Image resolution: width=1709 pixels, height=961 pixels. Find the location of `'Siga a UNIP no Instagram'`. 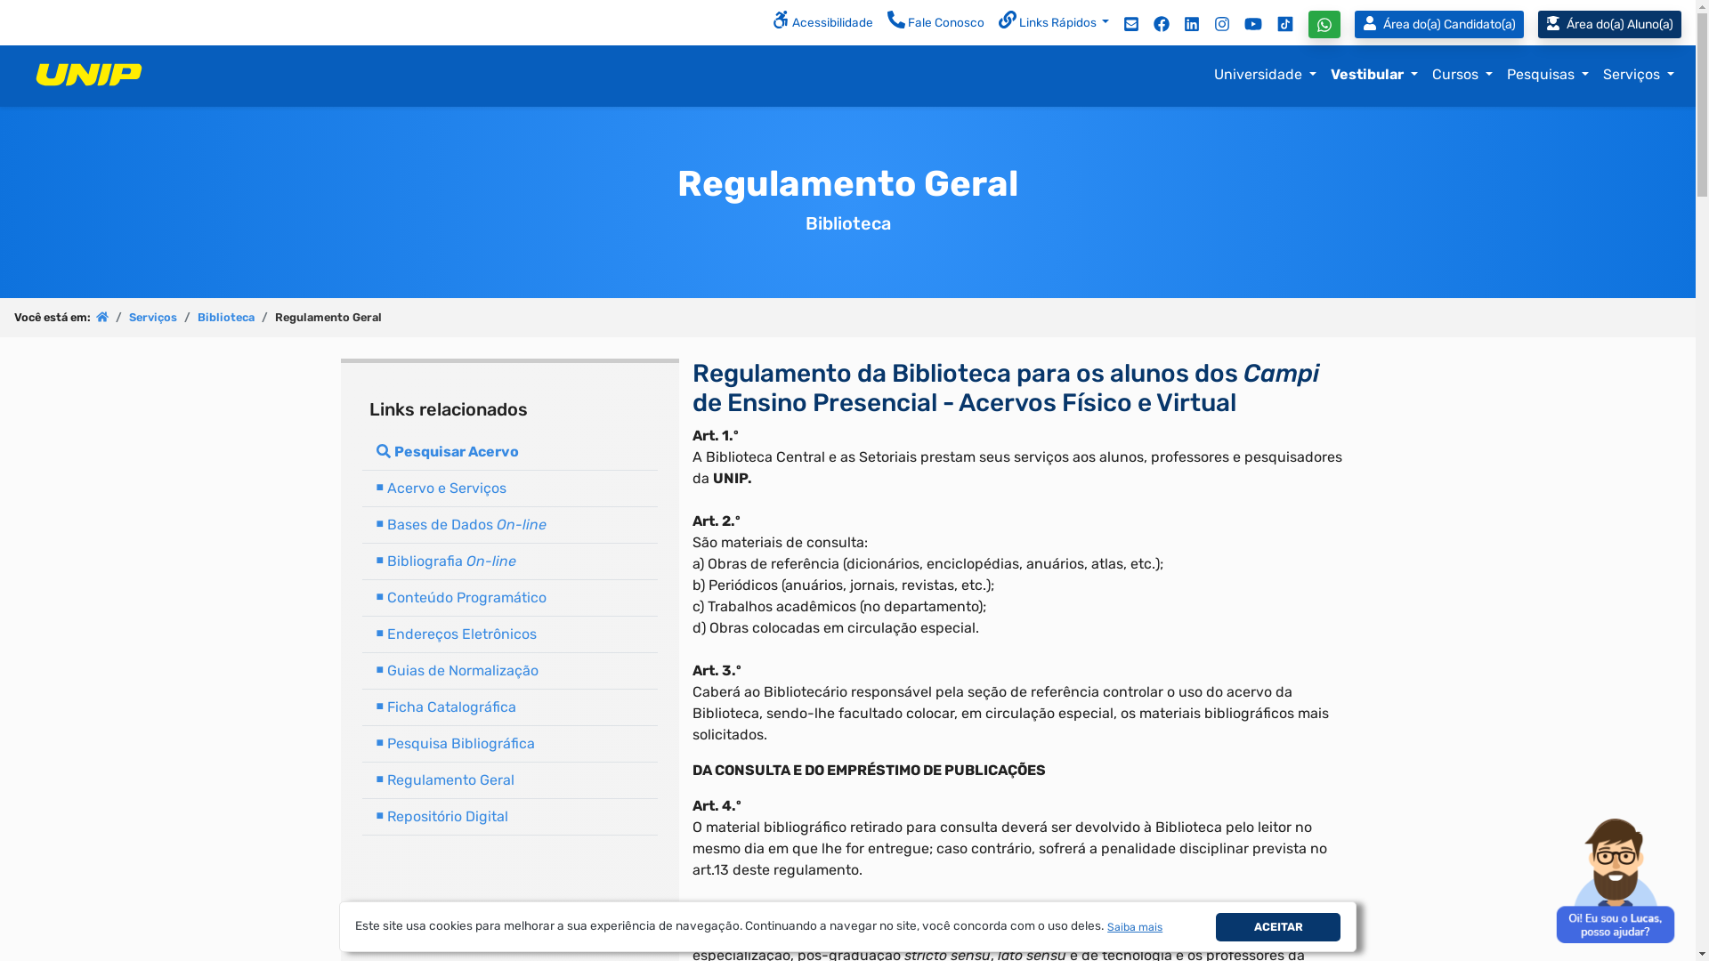

'Siga a UNIP no Instagram' is located at coordinates (1220, 23).